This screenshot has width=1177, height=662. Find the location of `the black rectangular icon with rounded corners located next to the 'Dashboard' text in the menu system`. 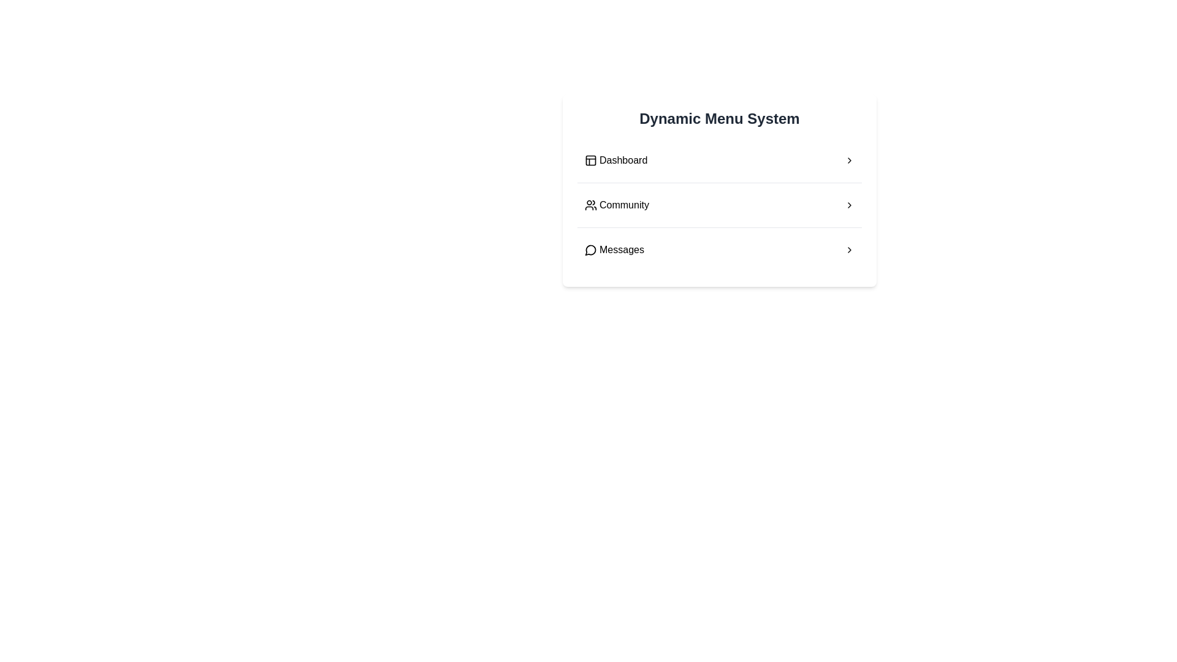

the black rectangular icon with rounded corners located next to the 'Dashboard' text in the menu system is located at coordinates (591, 160).